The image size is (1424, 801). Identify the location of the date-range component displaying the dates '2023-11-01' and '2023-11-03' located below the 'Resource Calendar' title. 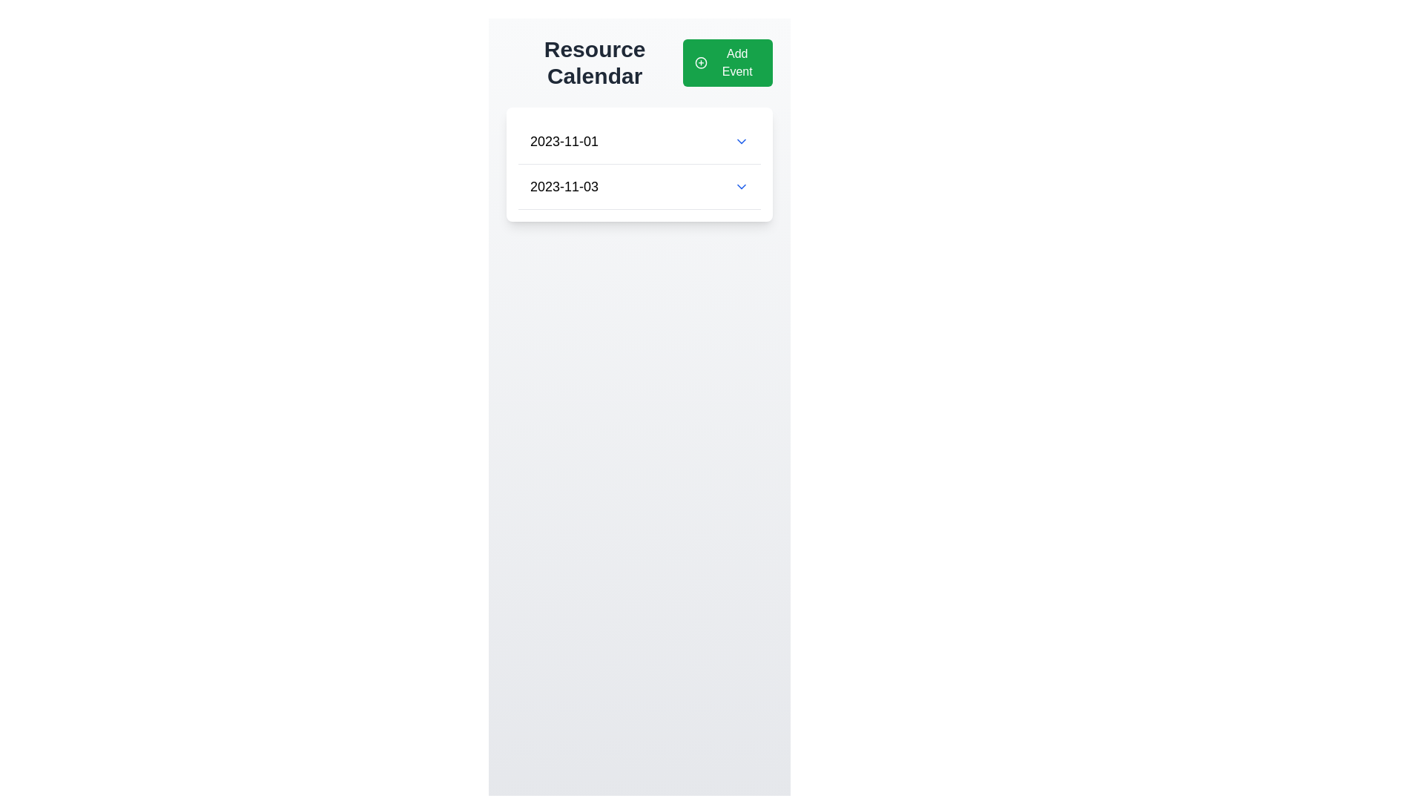
(639, 165).